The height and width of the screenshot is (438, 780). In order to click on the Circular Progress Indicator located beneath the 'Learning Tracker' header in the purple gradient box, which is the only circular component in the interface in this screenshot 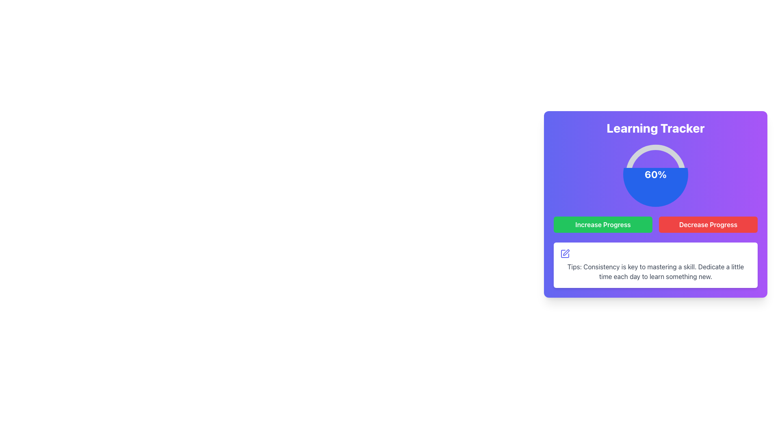, I will do `click(655, 174)`.